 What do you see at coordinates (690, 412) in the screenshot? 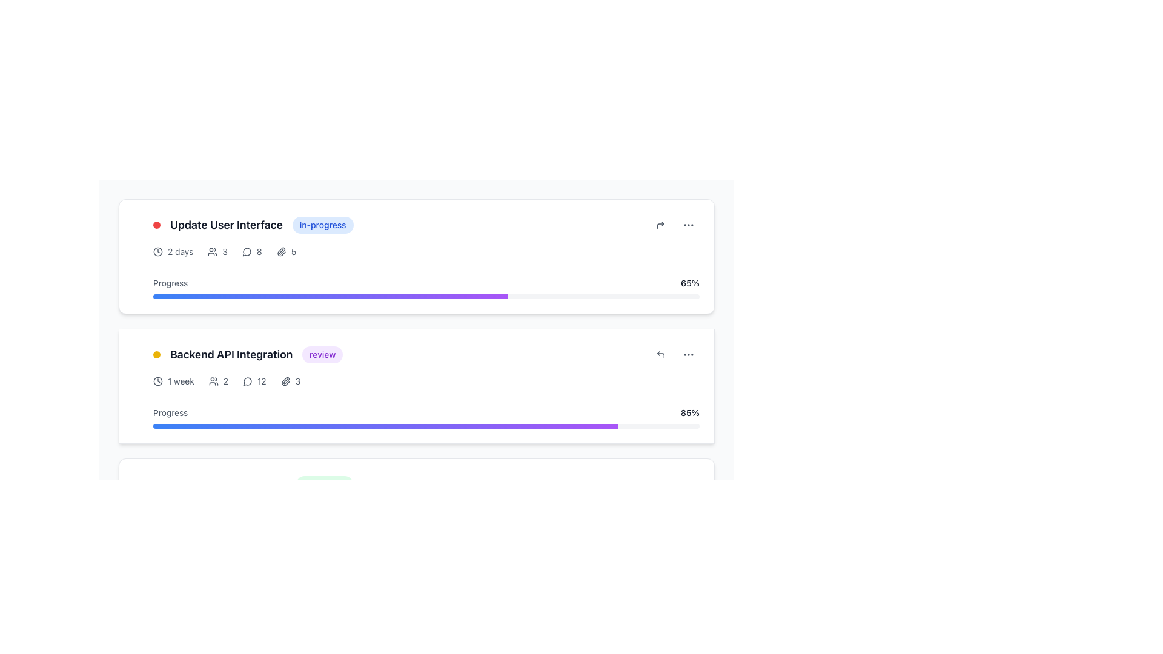
I see `the text displaying '85%' in bold black font, located to the far-right side of the progress bar under the 'Backend API Integration' section` at bounding box center [690, 412].